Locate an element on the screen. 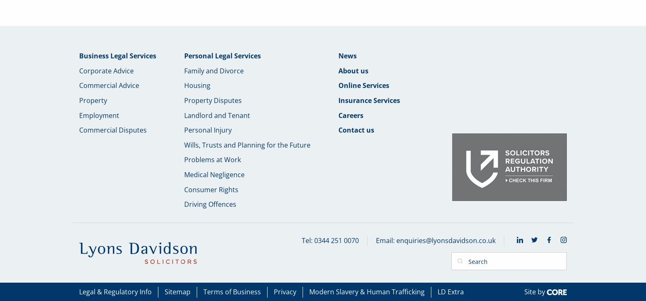 This screenshot has height=301, width=646. 'Medical Negligence' is located at coordinates (214, 174).